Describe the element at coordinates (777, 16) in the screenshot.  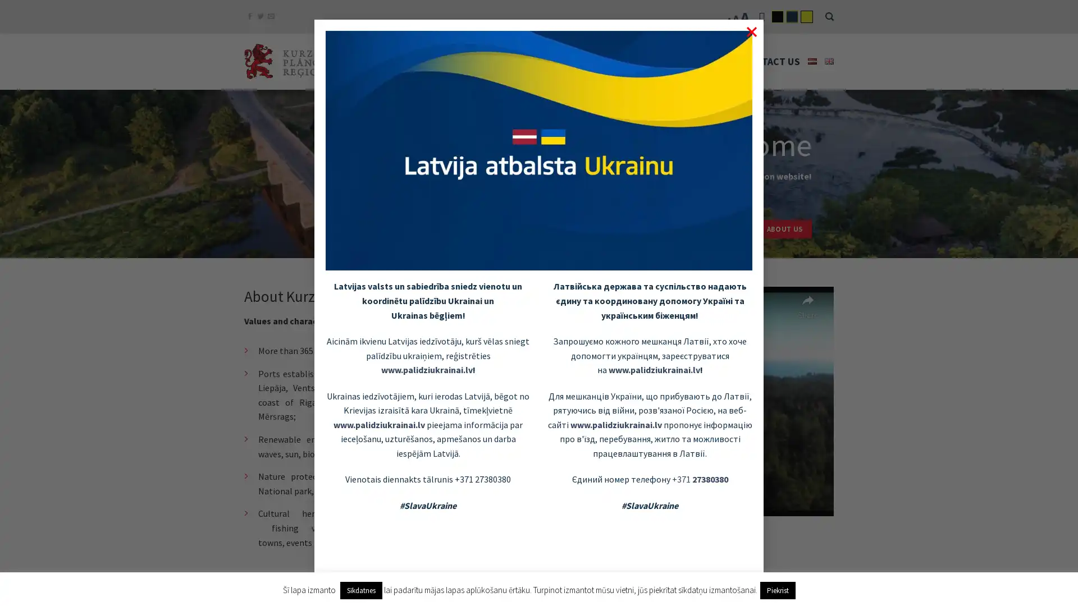
I see `flatsome-black` at that location.